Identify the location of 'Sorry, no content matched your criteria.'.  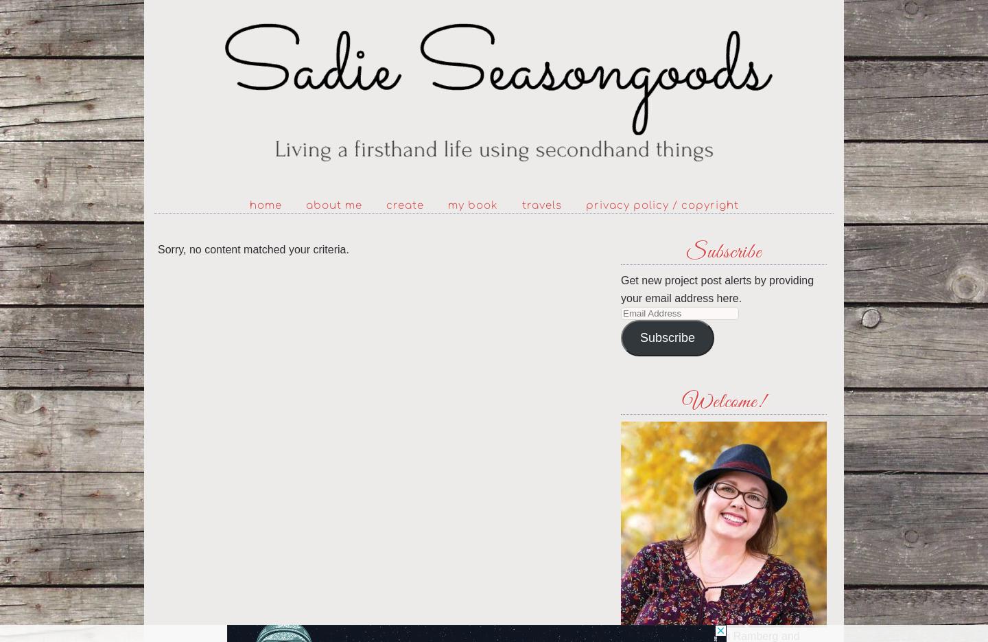
(157, 249).